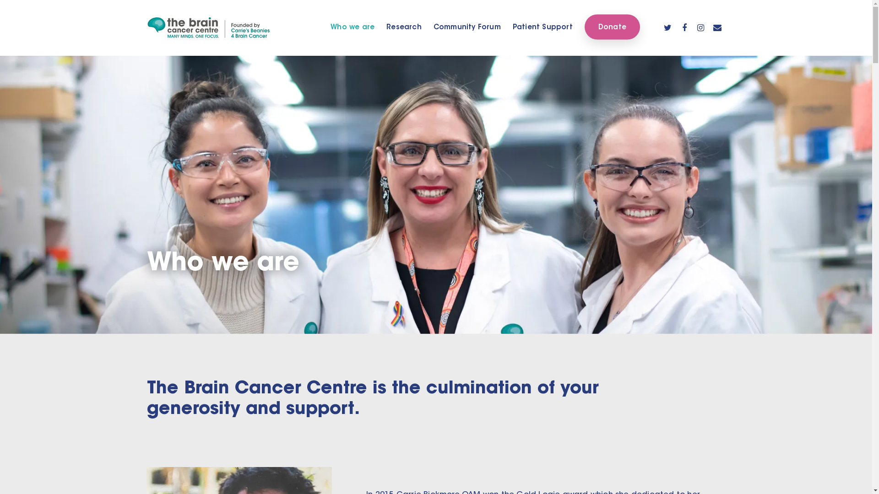  I want to click on 'facebook', so click(684, 27).